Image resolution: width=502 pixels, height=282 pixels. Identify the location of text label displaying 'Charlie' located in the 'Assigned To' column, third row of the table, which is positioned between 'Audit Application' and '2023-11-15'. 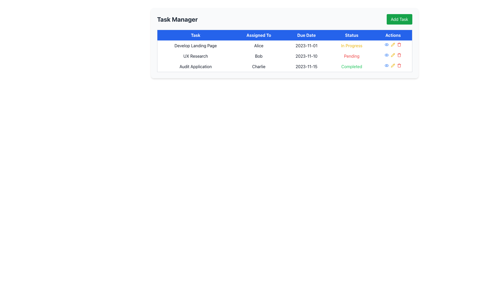
(259, 66).